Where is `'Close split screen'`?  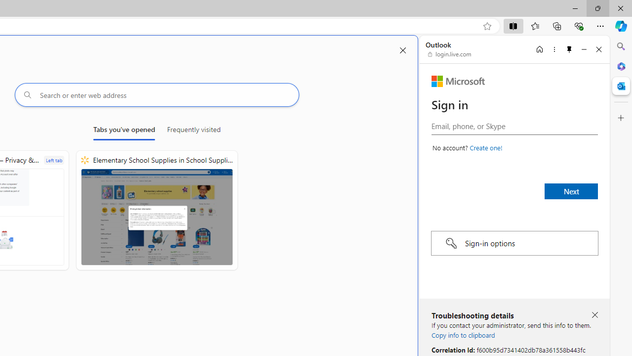
'Close split screen' is located at coordinates (403, 50).